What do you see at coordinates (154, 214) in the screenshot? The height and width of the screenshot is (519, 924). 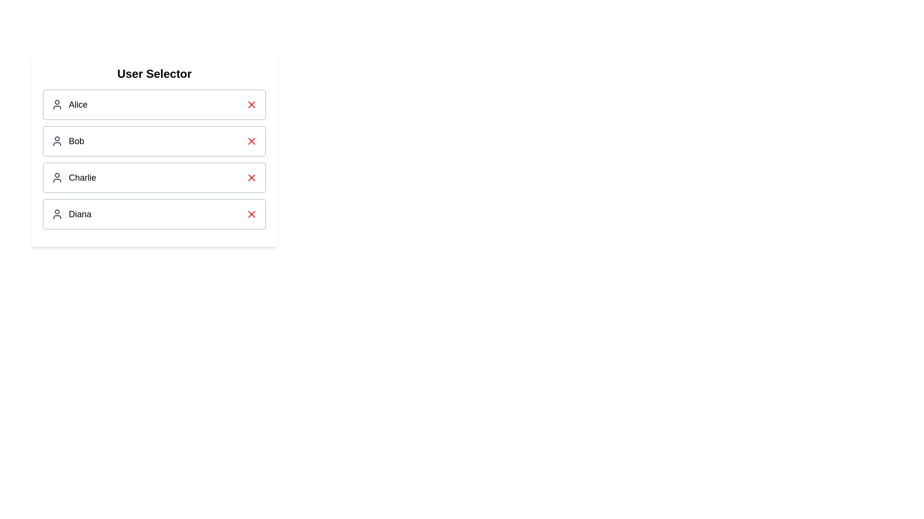 I see `the user Diana by clicking on their entry` at bounding box center [154, 214].